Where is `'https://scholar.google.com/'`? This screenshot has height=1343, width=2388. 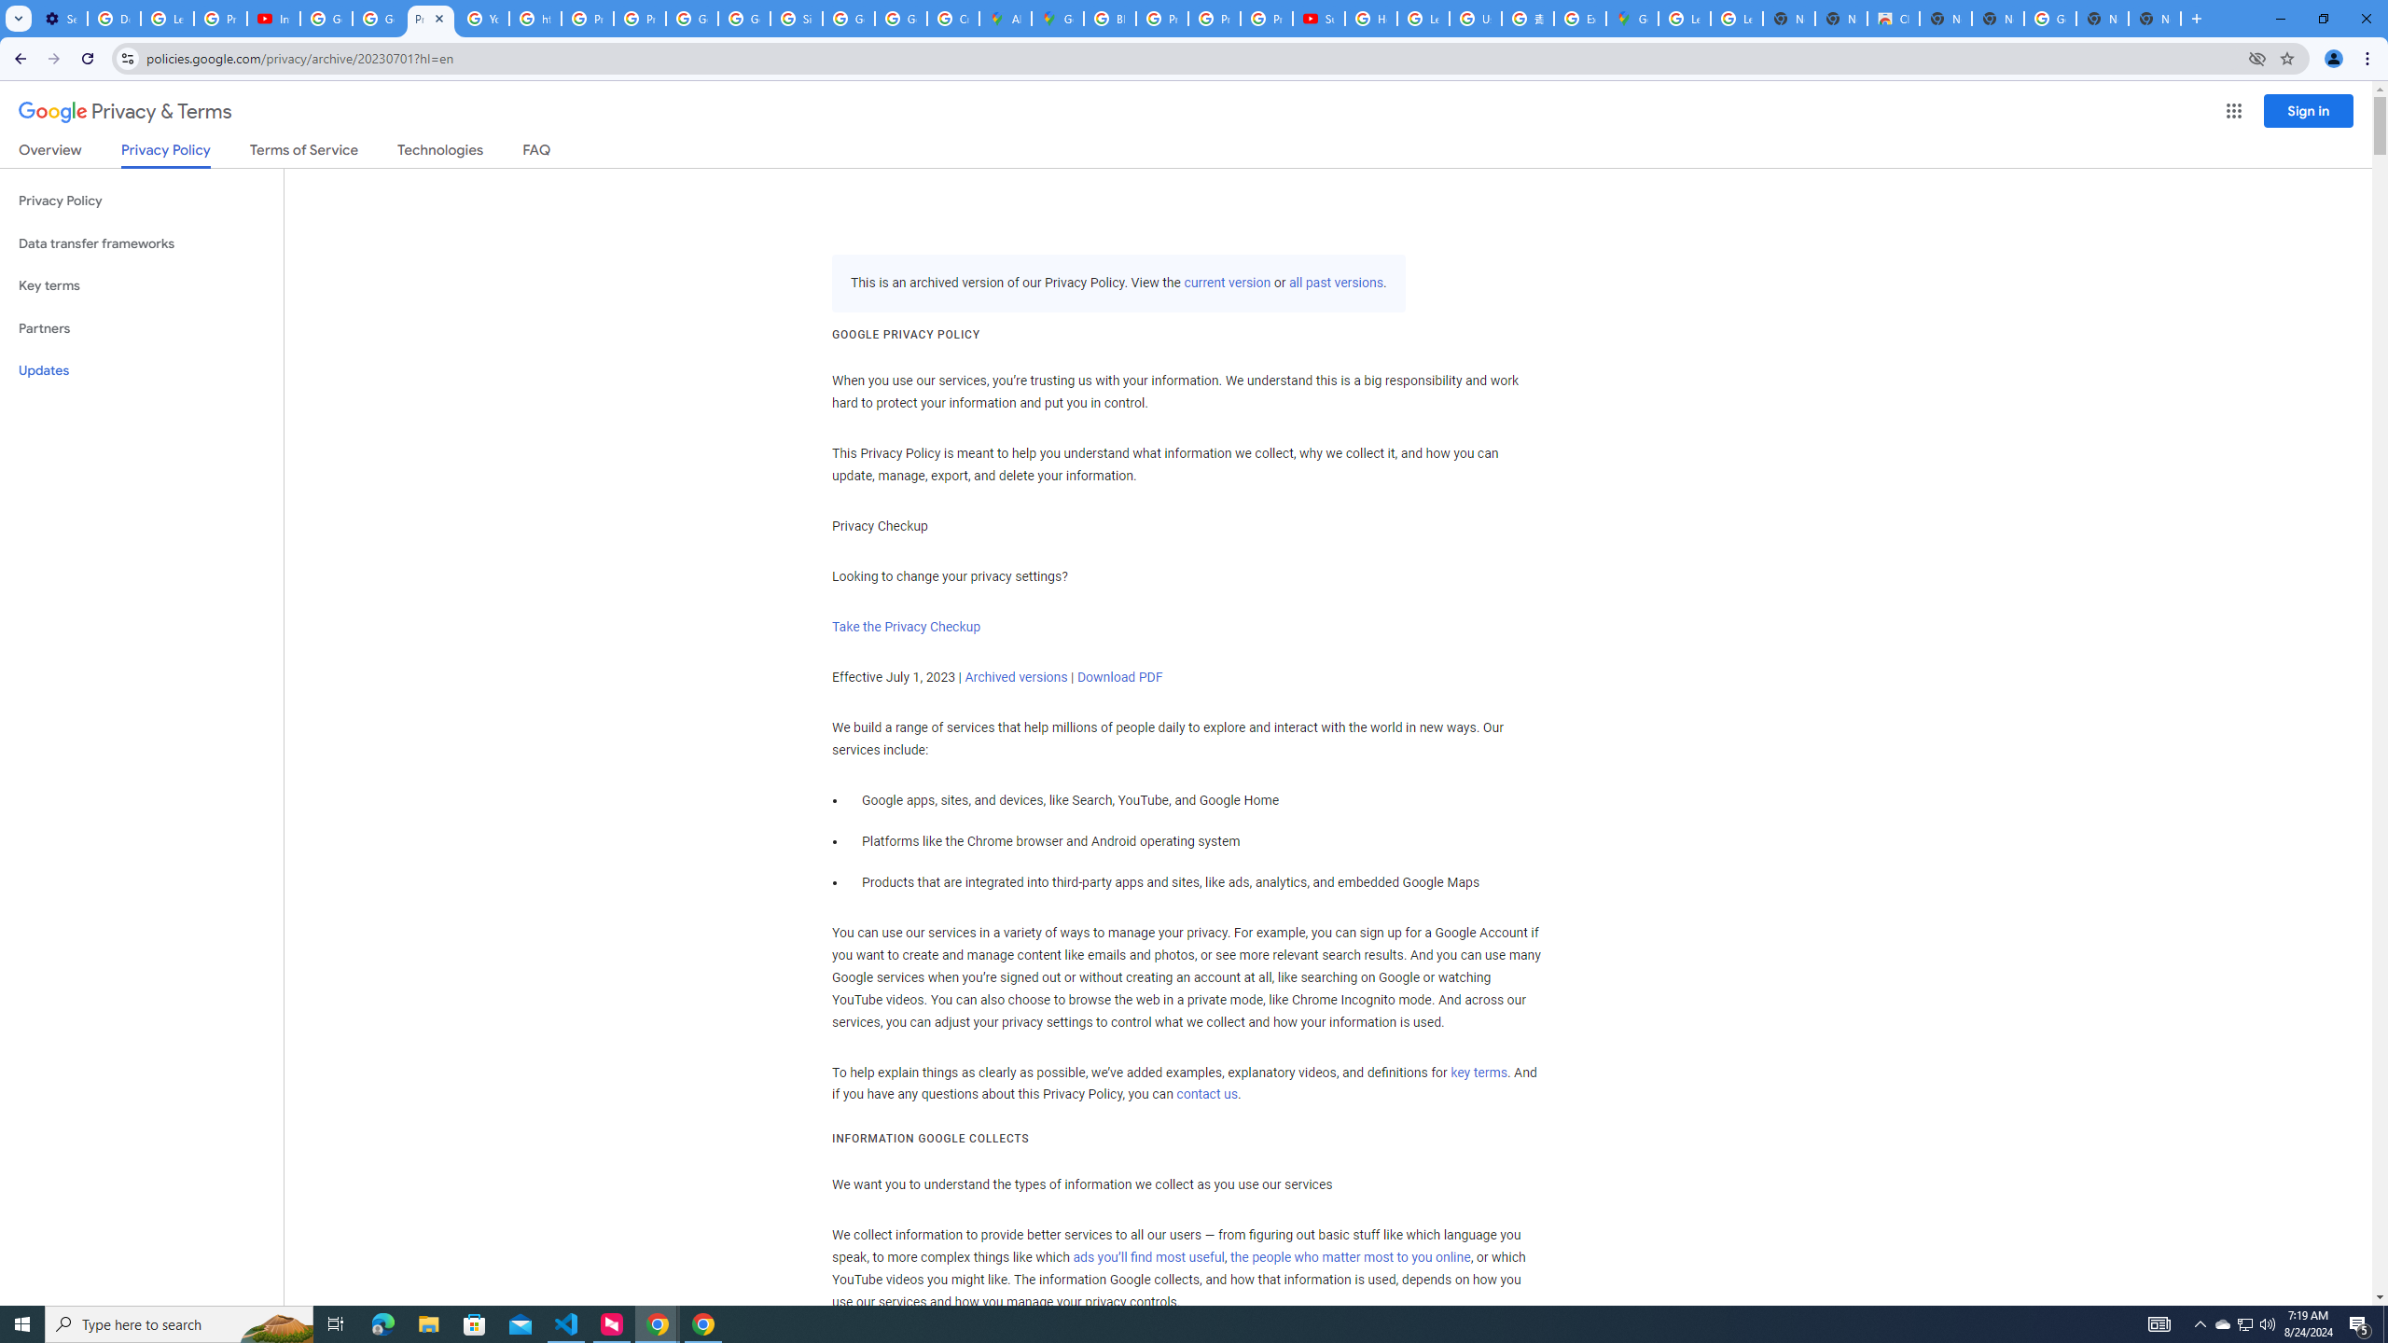
'https://scholar.google.com/' is located at coordinates (535, 18).